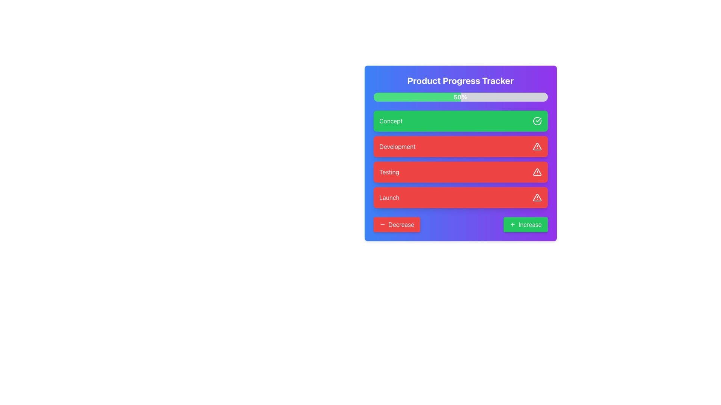 The width and height of the screenshot is (721, 405). I want to click on the red 'Decrease' button with white bold text and a minus sign icon, so click(396, 224).